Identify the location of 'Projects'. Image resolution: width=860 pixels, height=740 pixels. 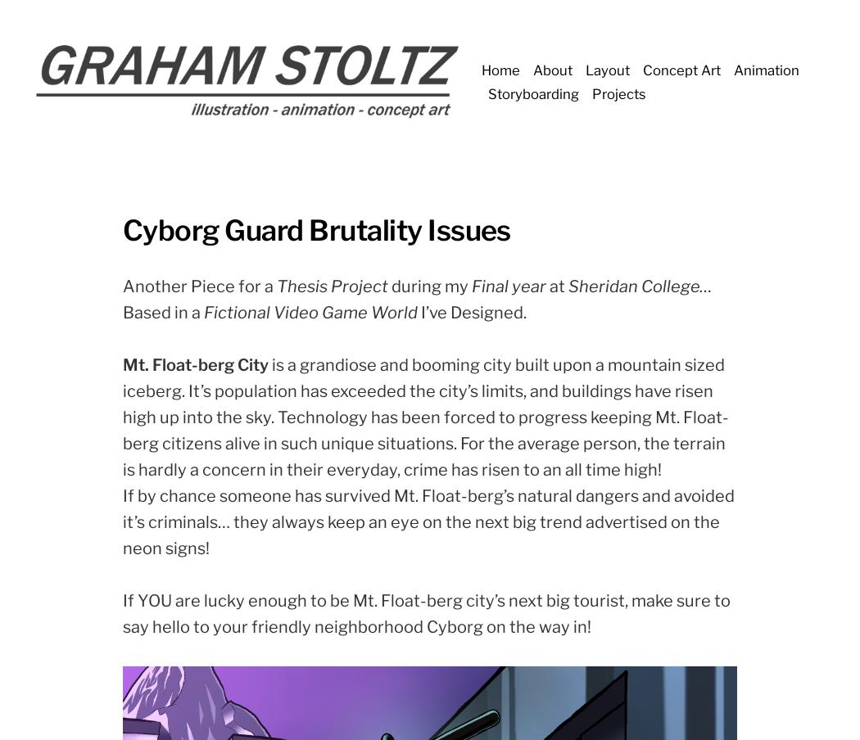
(591, 92).